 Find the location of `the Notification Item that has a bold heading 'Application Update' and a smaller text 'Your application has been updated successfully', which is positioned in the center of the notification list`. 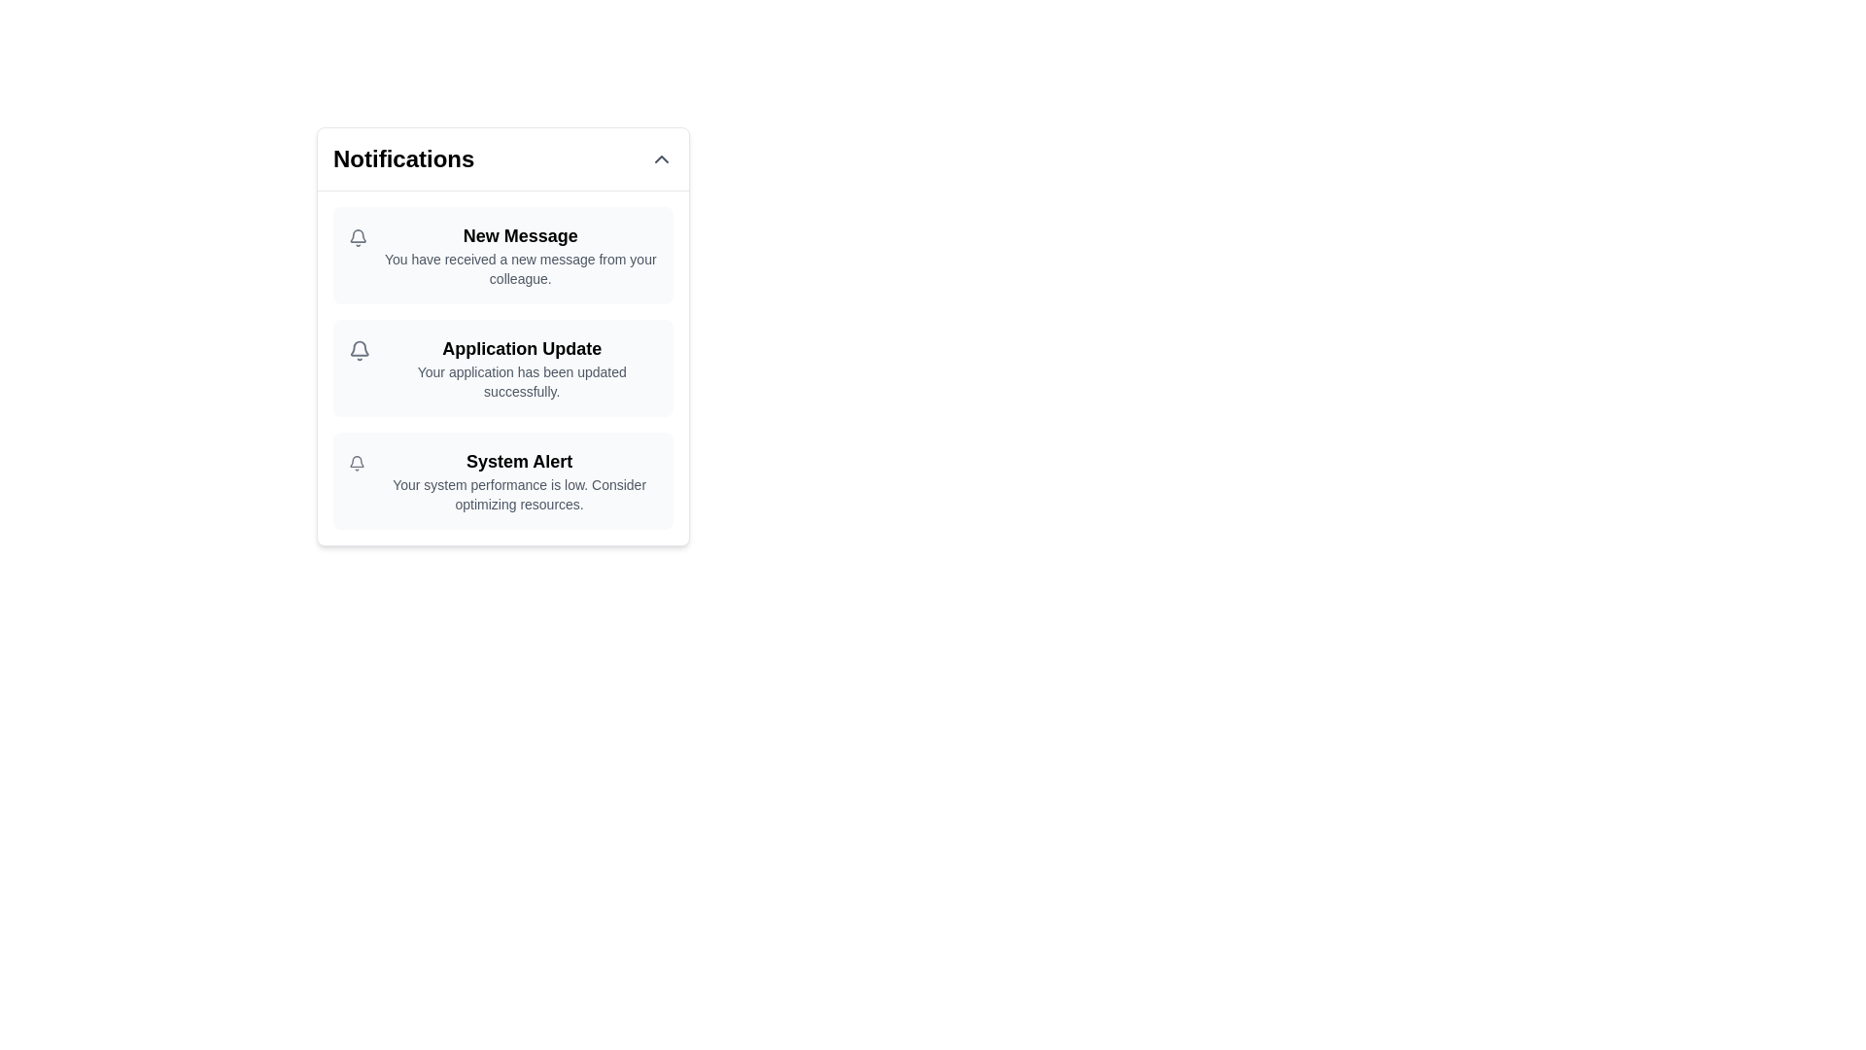

the Notification Item that has a bold heading 'Application Update' and a smaller text 'Your application has been updated successfully', which is positioned in the center of the notification list is located at coordinates (522, 367).